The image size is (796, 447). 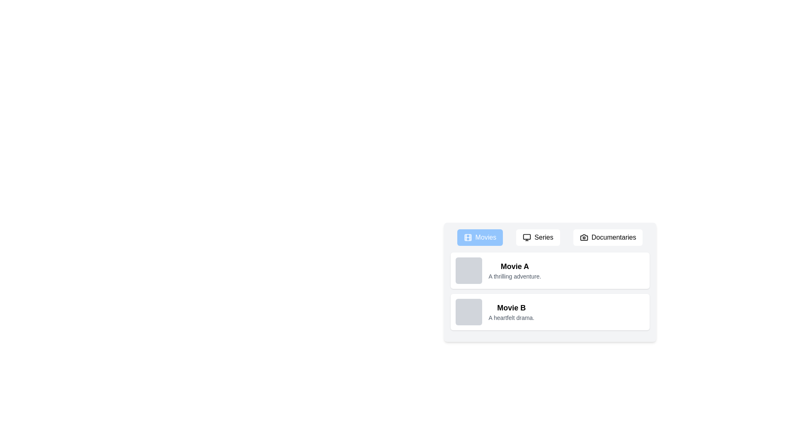 What do you see at coordinates (550, 271) in the screenshot?
I see `the content item Movie A under the active tab` at bounding box center [550, 271].